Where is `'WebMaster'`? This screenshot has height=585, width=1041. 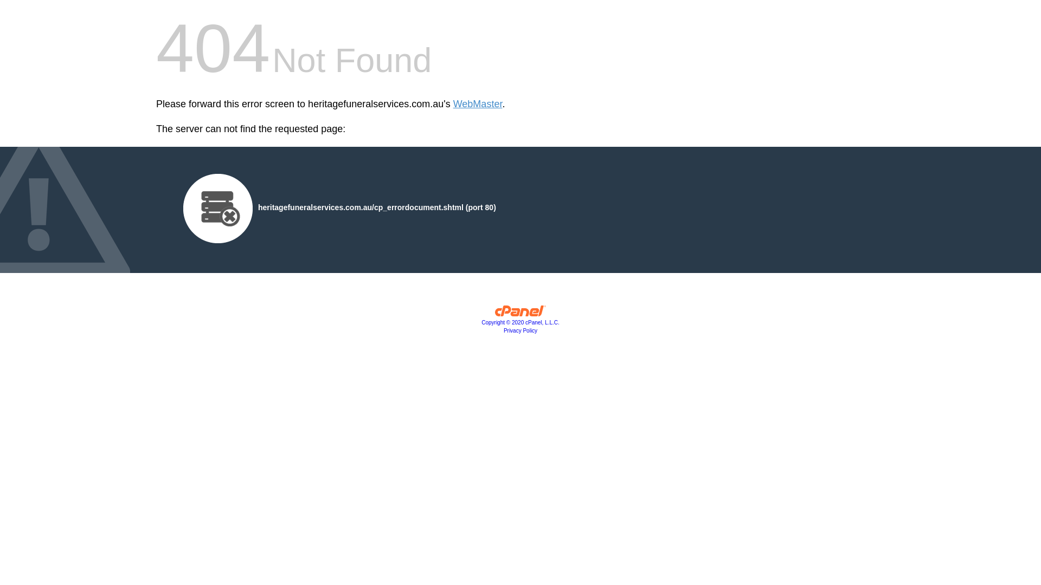
'WebMaster' is located at coordinates (477, 104).